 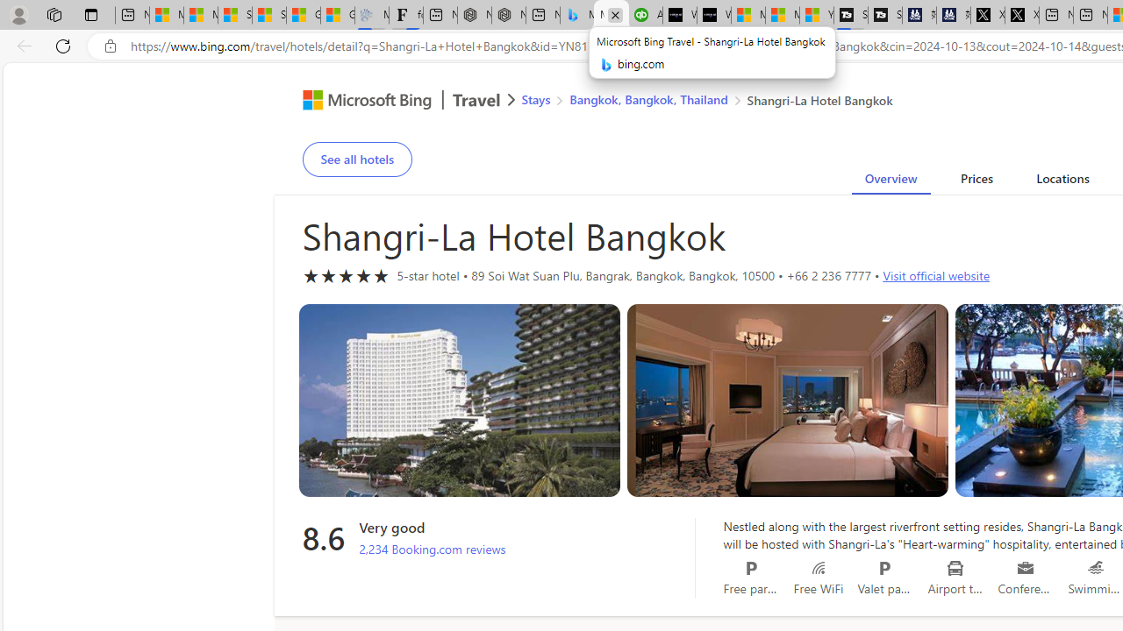 What do you see at coordinates (535, 99) in the screenshot?
I see `'Stays'` at bounding box center [535, 99].